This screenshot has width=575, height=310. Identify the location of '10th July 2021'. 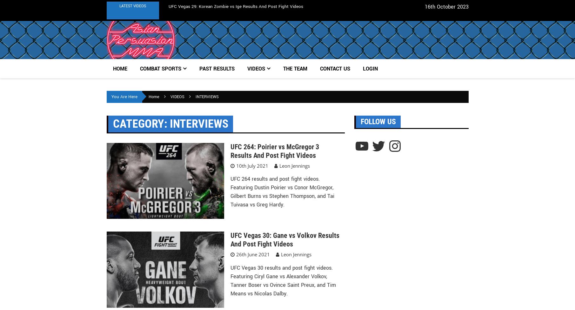
(251, 165).